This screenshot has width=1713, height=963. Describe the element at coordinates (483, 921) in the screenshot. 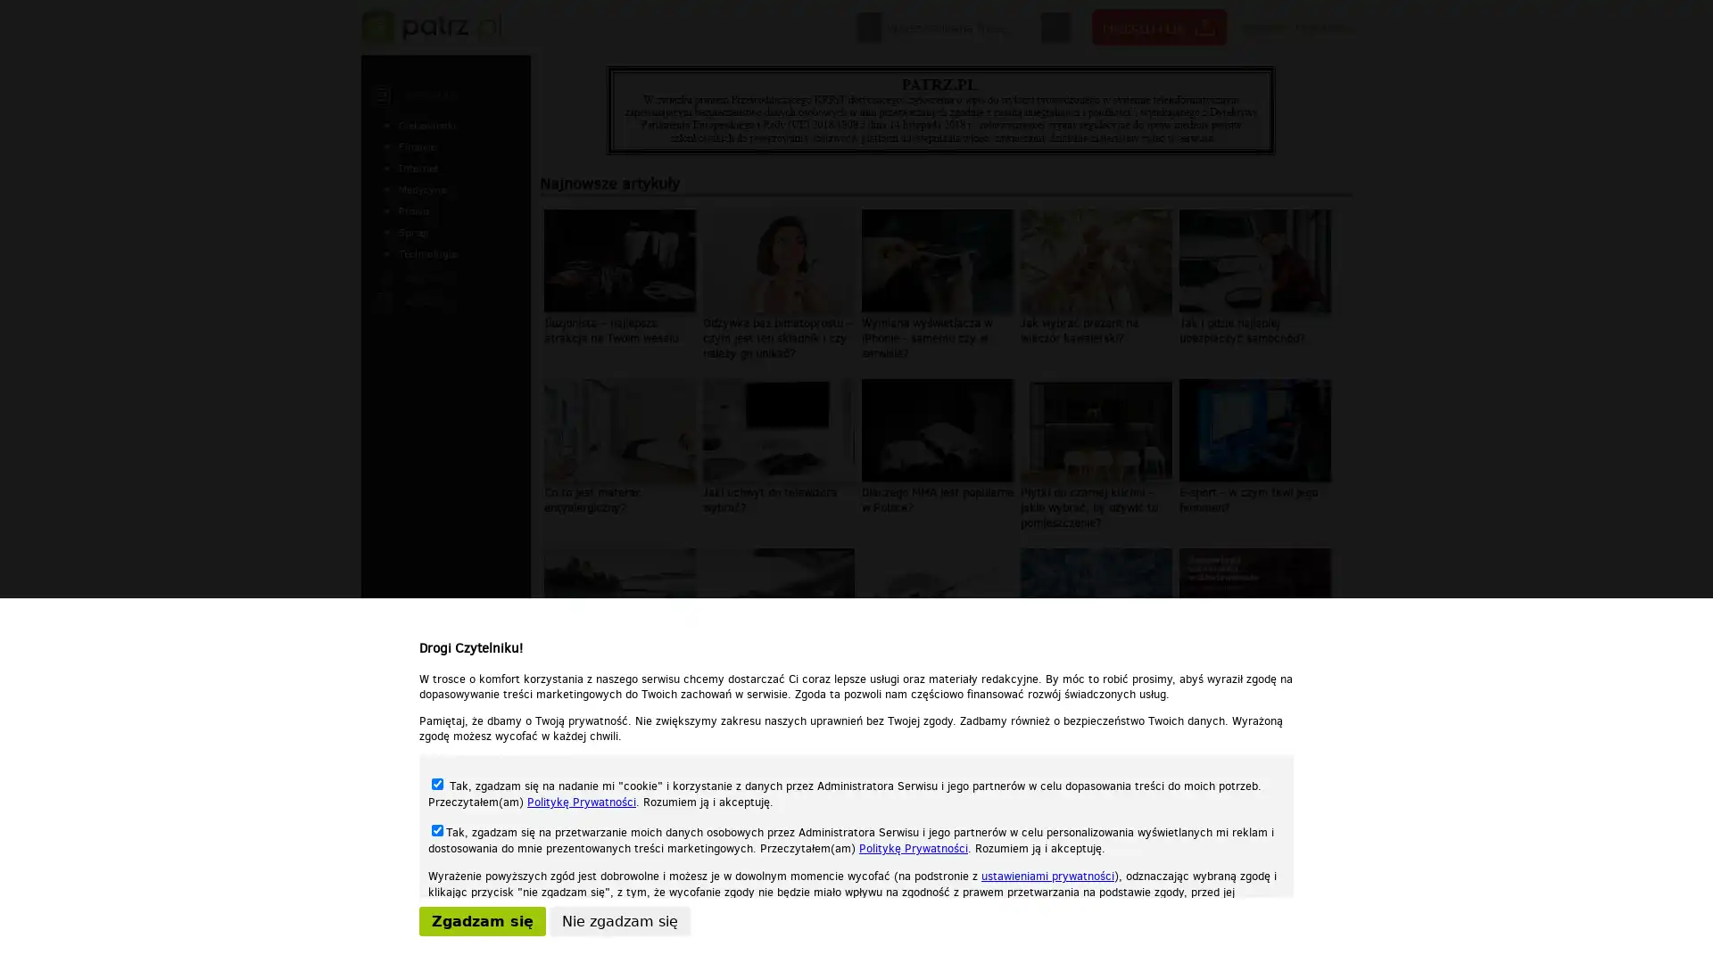

I see `Zgadzam sie` at that location.